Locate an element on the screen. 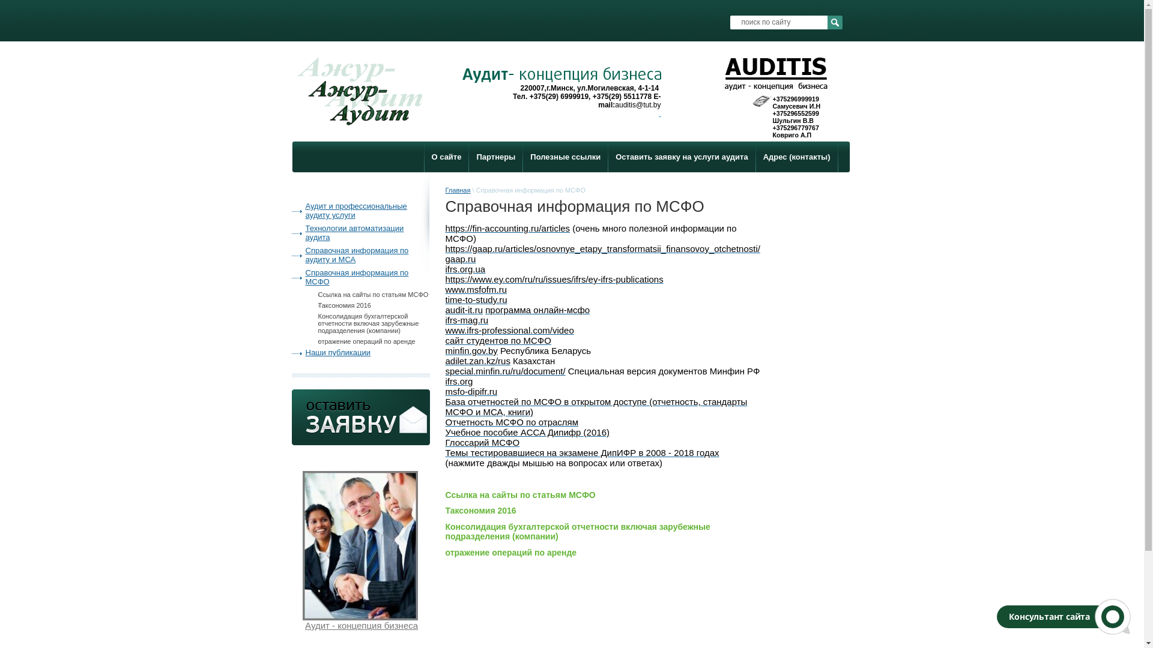 Image resolution: width=1153 pixels, height=648 pixels. 'ifrs-mag.ru' is located at coordinates (466, 319).